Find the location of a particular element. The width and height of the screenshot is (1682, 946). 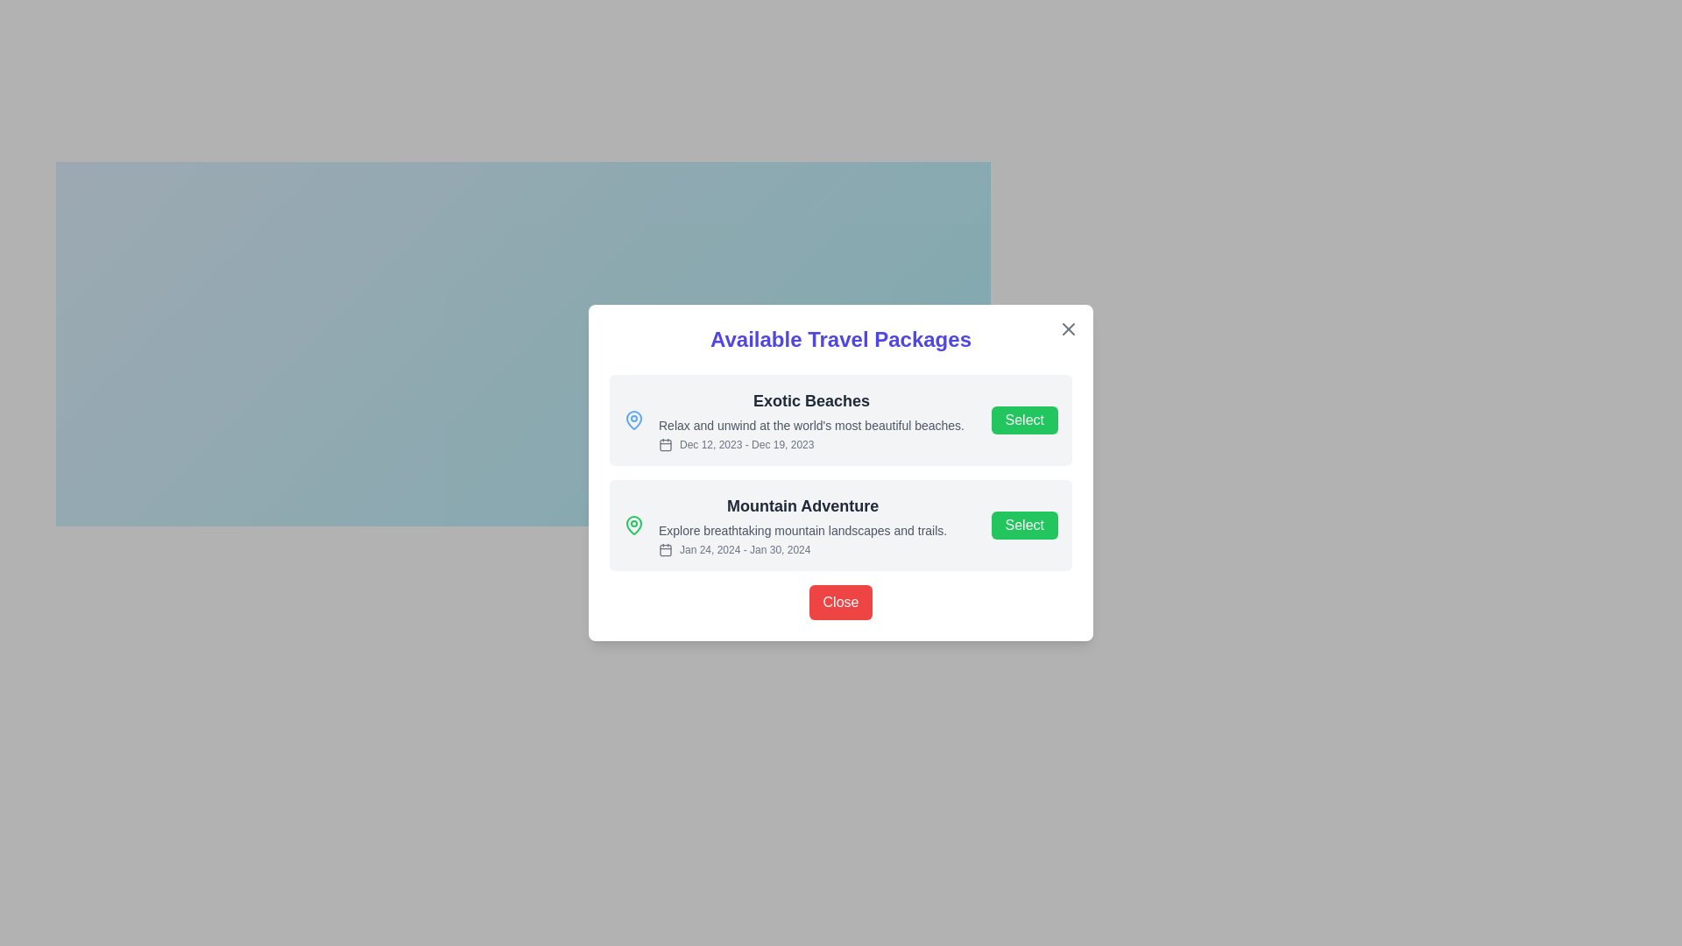

the calendar icon element, which visually represents the body of the calendar within the user interface is located at coordinates (664, 444).